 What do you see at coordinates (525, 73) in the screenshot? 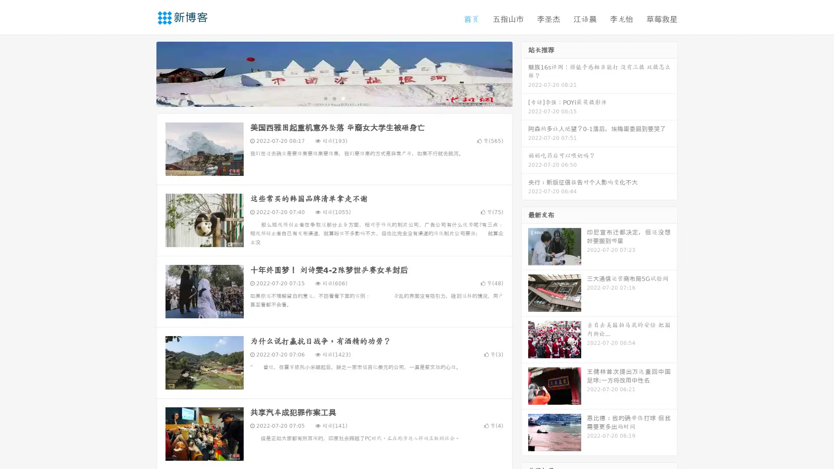
I see `Next slide` at bounding box center [525, 73].